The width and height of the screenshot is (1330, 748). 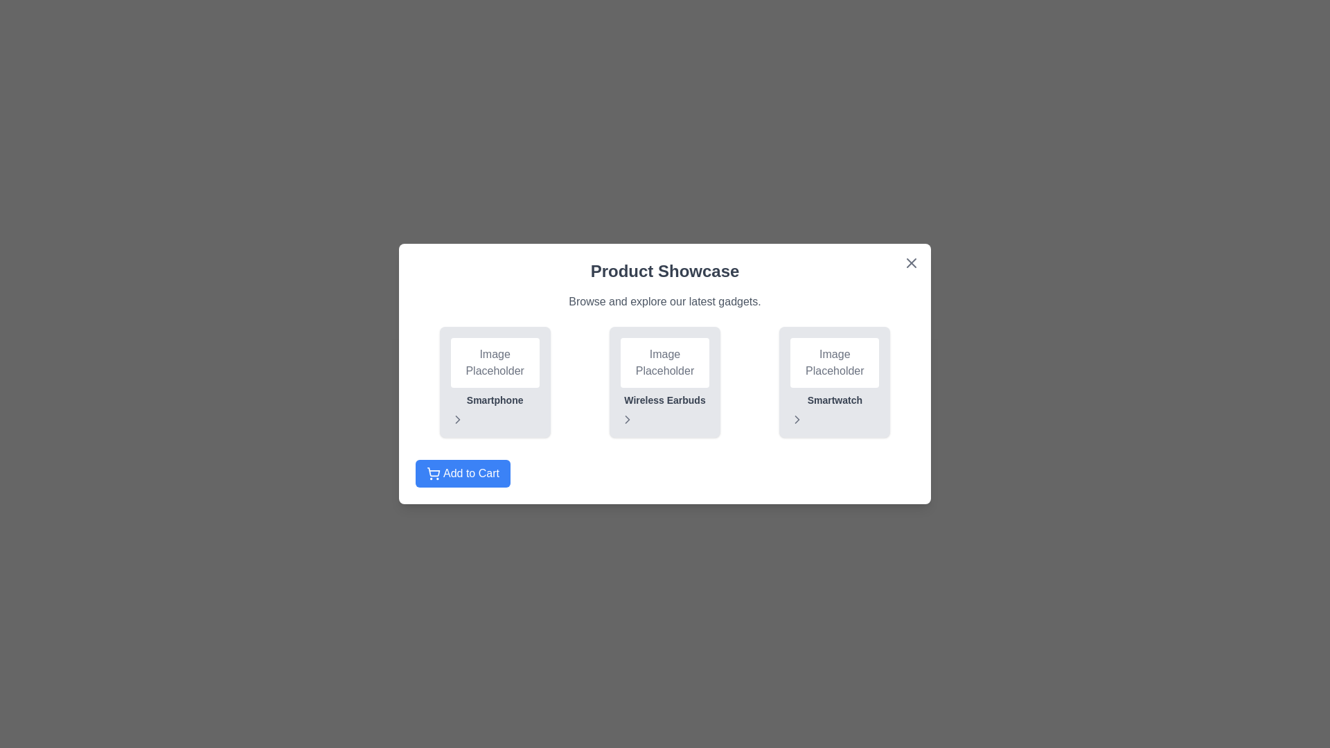 What do you see at coordinates (495, 382) in the screenshot?
I see `the Product card displaying 'Smartphone' with an arrow icon at the bottom right, located in the center area of the modal window beneath 'Product Showcase'` at bounding box center [495, 382].